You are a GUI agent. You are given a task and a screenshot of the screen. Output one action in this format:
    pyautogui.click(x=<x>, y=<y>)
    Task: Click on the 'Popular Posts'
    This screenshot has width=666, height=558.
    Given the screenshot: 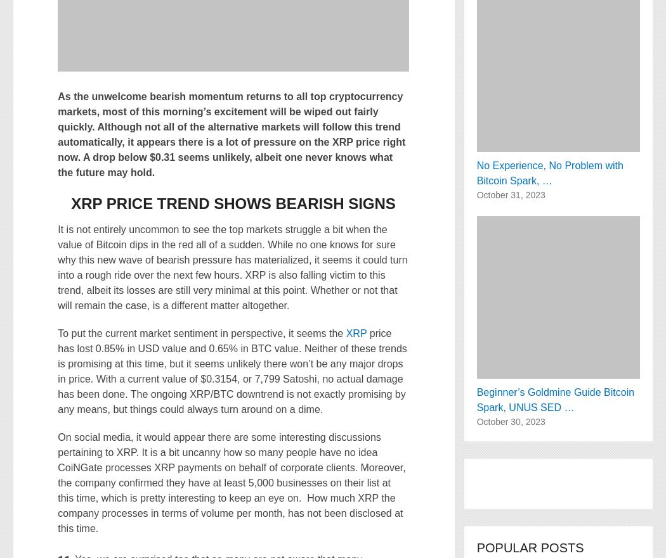 What is the action you would take?
    pyautogui.click(x=530, y=547)
    